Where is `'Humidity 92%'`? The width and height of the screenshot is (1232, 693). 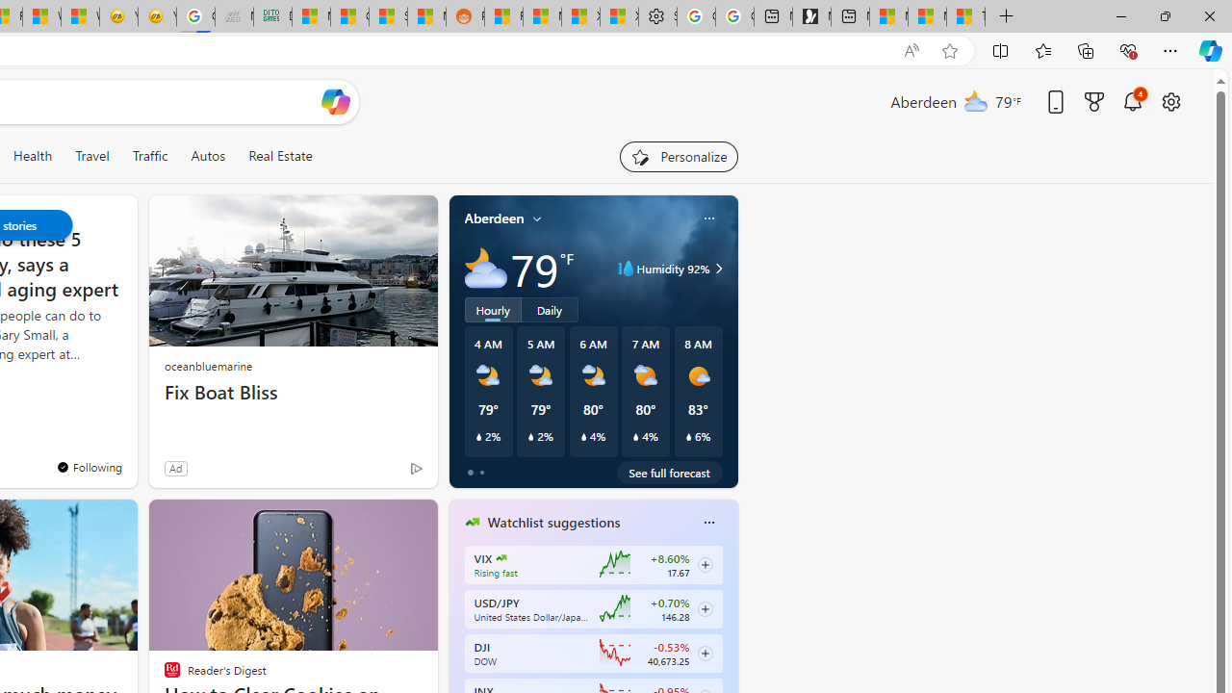 'Humidity 92%' is located at coordinates (715, 269).